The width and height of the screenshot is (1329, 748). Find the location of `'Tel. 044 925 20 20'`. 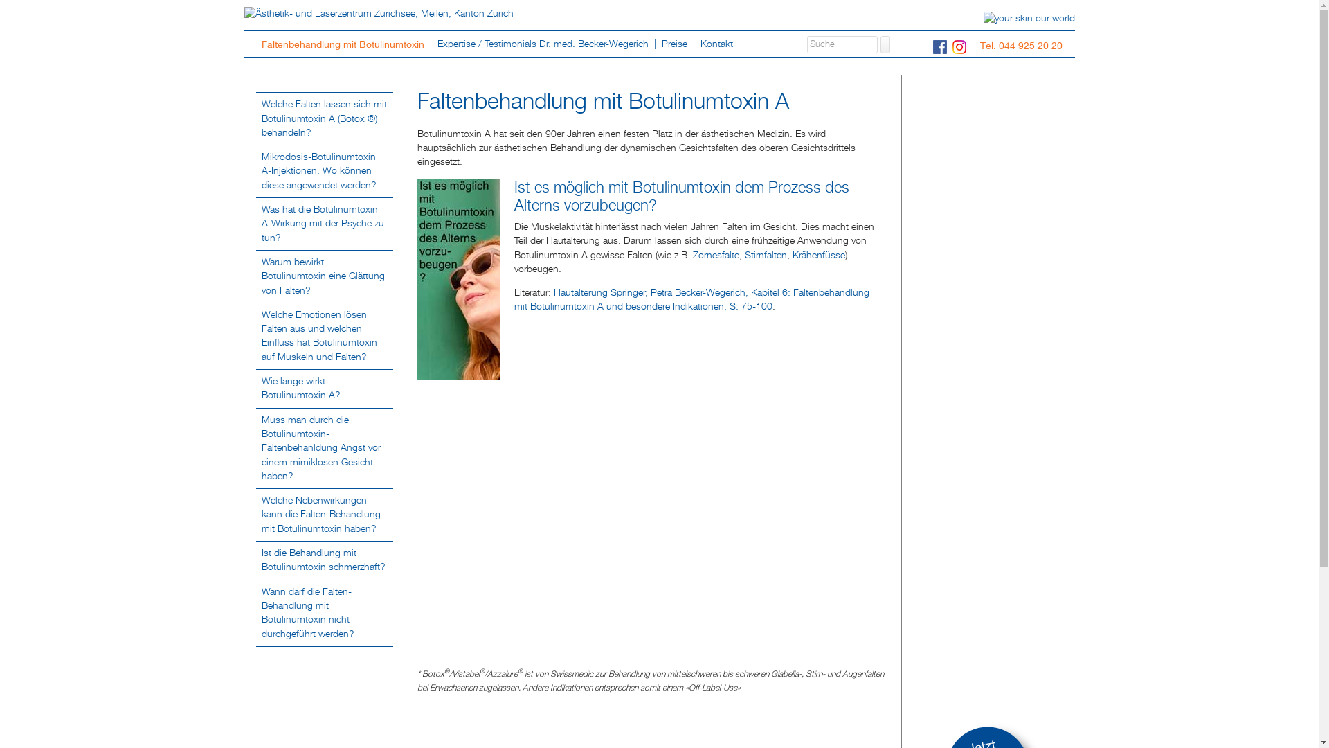

'Tel. 044 925 20 20' is located at coordinates (979, 44).